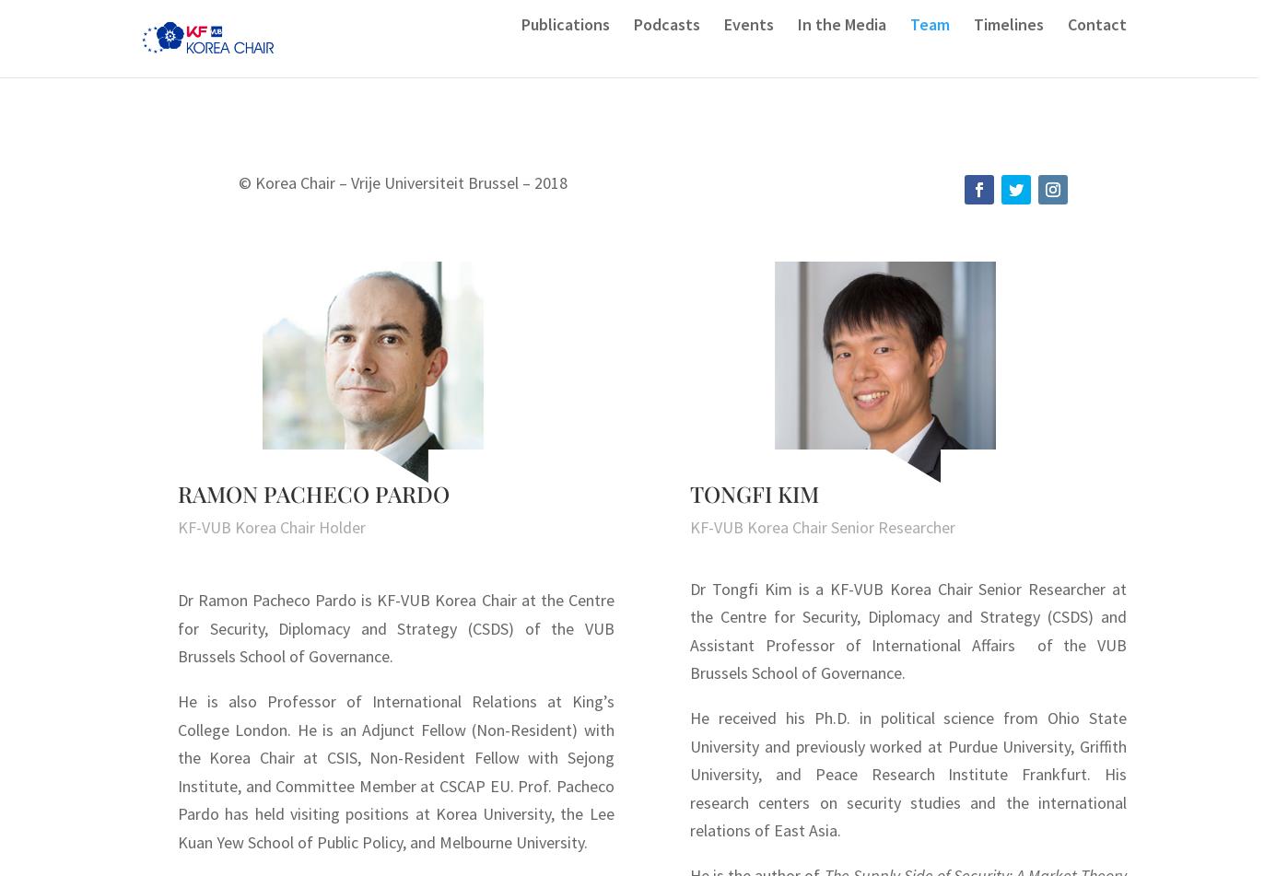 The height and width of the screenshot is (876, 1276). I want to click on '© Korea Chair – Vrije Universiteit Brussel – 2018', so click(402, 182).